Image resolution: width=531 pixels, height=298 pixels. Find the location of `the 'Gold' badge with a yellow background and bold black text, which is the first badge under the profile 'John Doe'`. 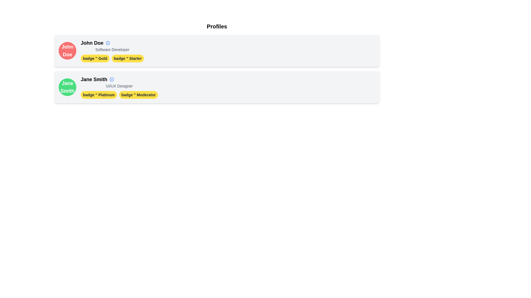

the 'Gold' badge with a yellow background and bold black text, which is the first badge under the profile 'John Doe' is located at coordinates (95, 58).